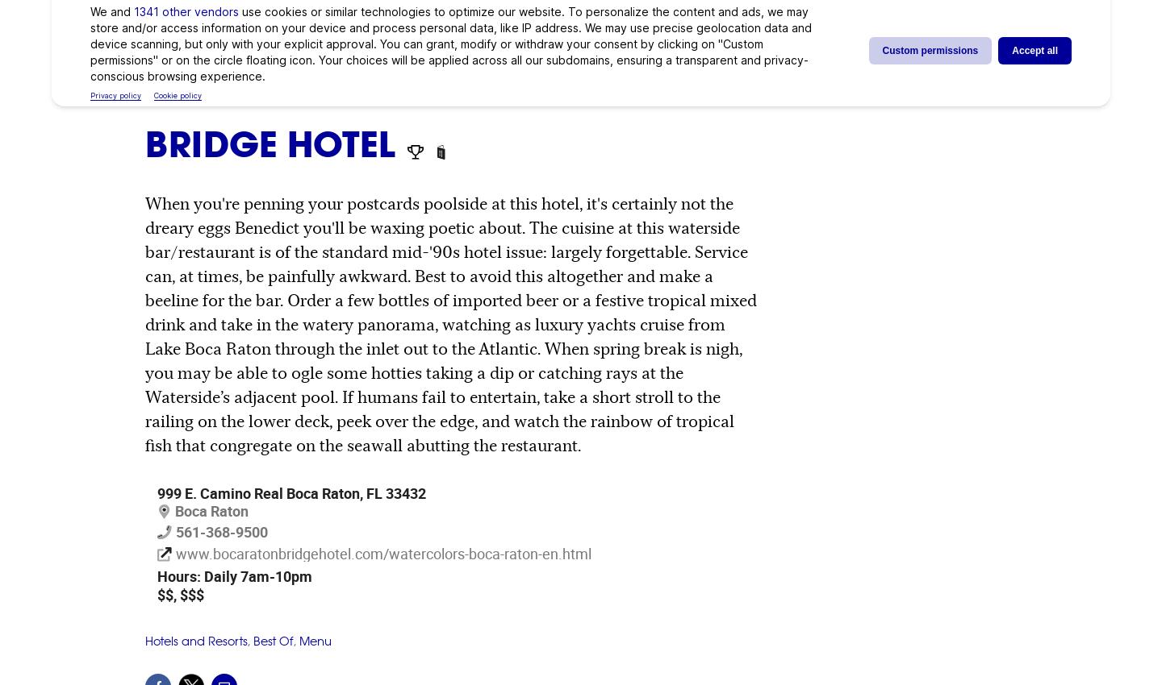 The width and height of the screenshot is (1162, 685). Describe the element at coordinates (274, 142) in the screenshot. I see `'Bridge Hotel'` at that location.